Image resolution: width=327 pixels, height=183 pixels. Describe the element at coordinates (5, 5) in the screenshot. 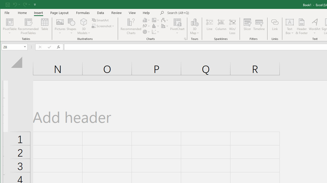

I see `'System'` at that location.